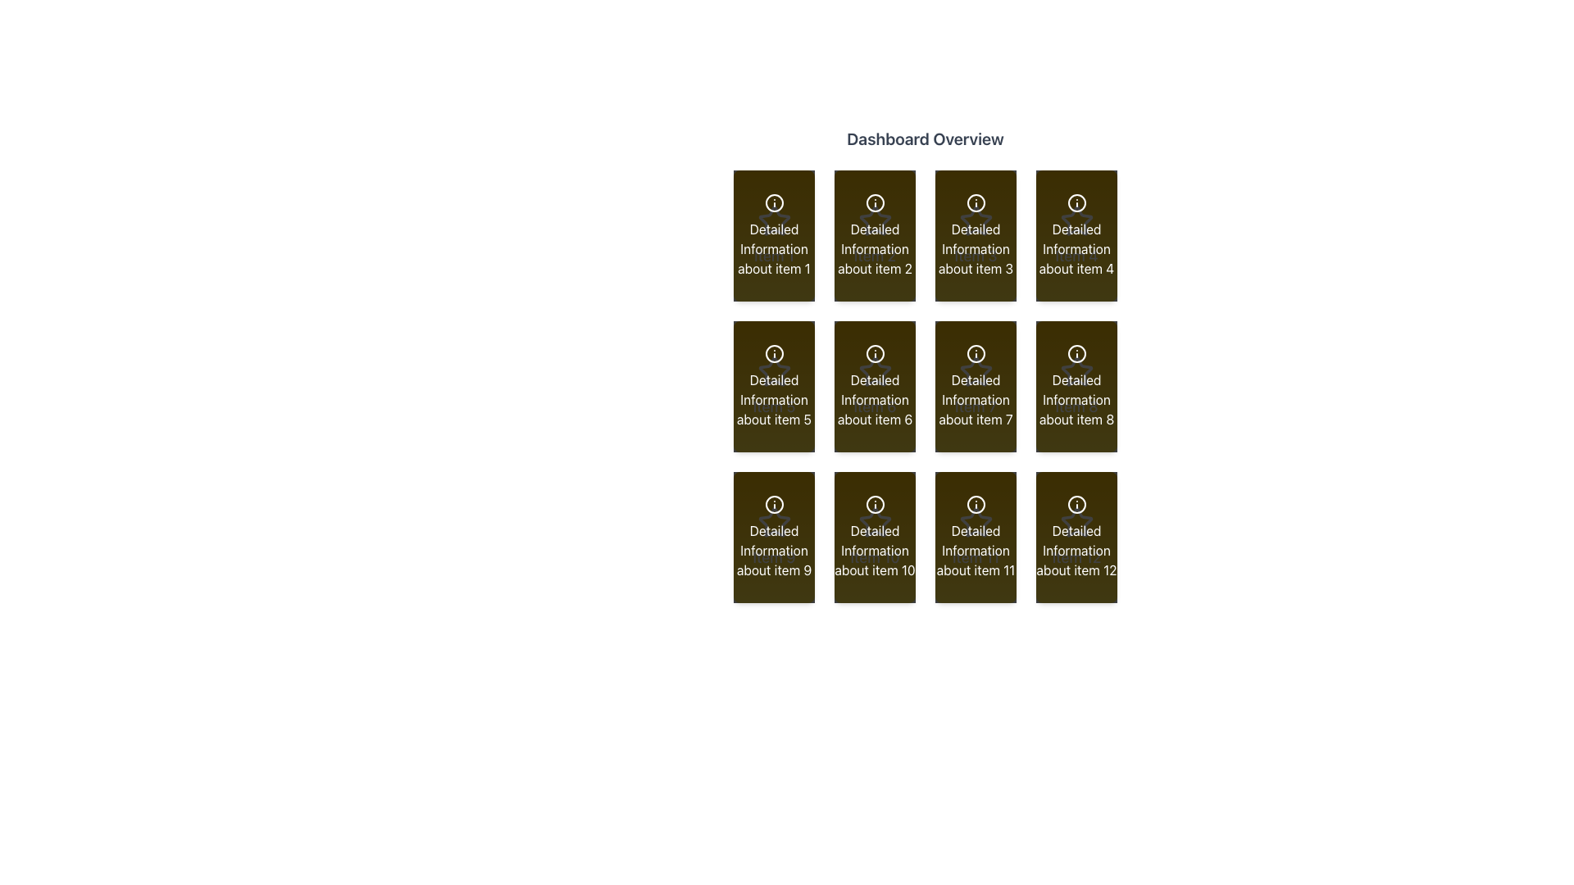 The width and height of the screenshot is (1574, 885). Describe the element at coordinates (976, 353) in the screenshot. I see `the circular icon representing 'Detailed Information about item 7' in the icon group` at that location.